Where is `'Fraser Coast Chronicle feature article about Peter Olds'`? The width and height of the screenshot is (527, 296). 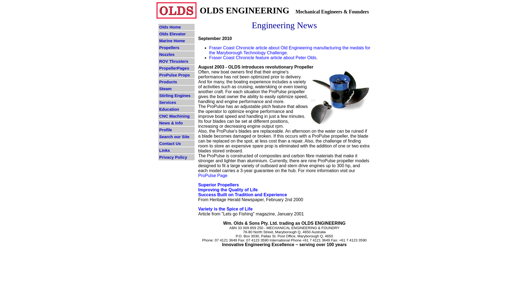
'Fraser Coast Chronicle feature article about Peter Olds' is located at coordinates (262, 58).